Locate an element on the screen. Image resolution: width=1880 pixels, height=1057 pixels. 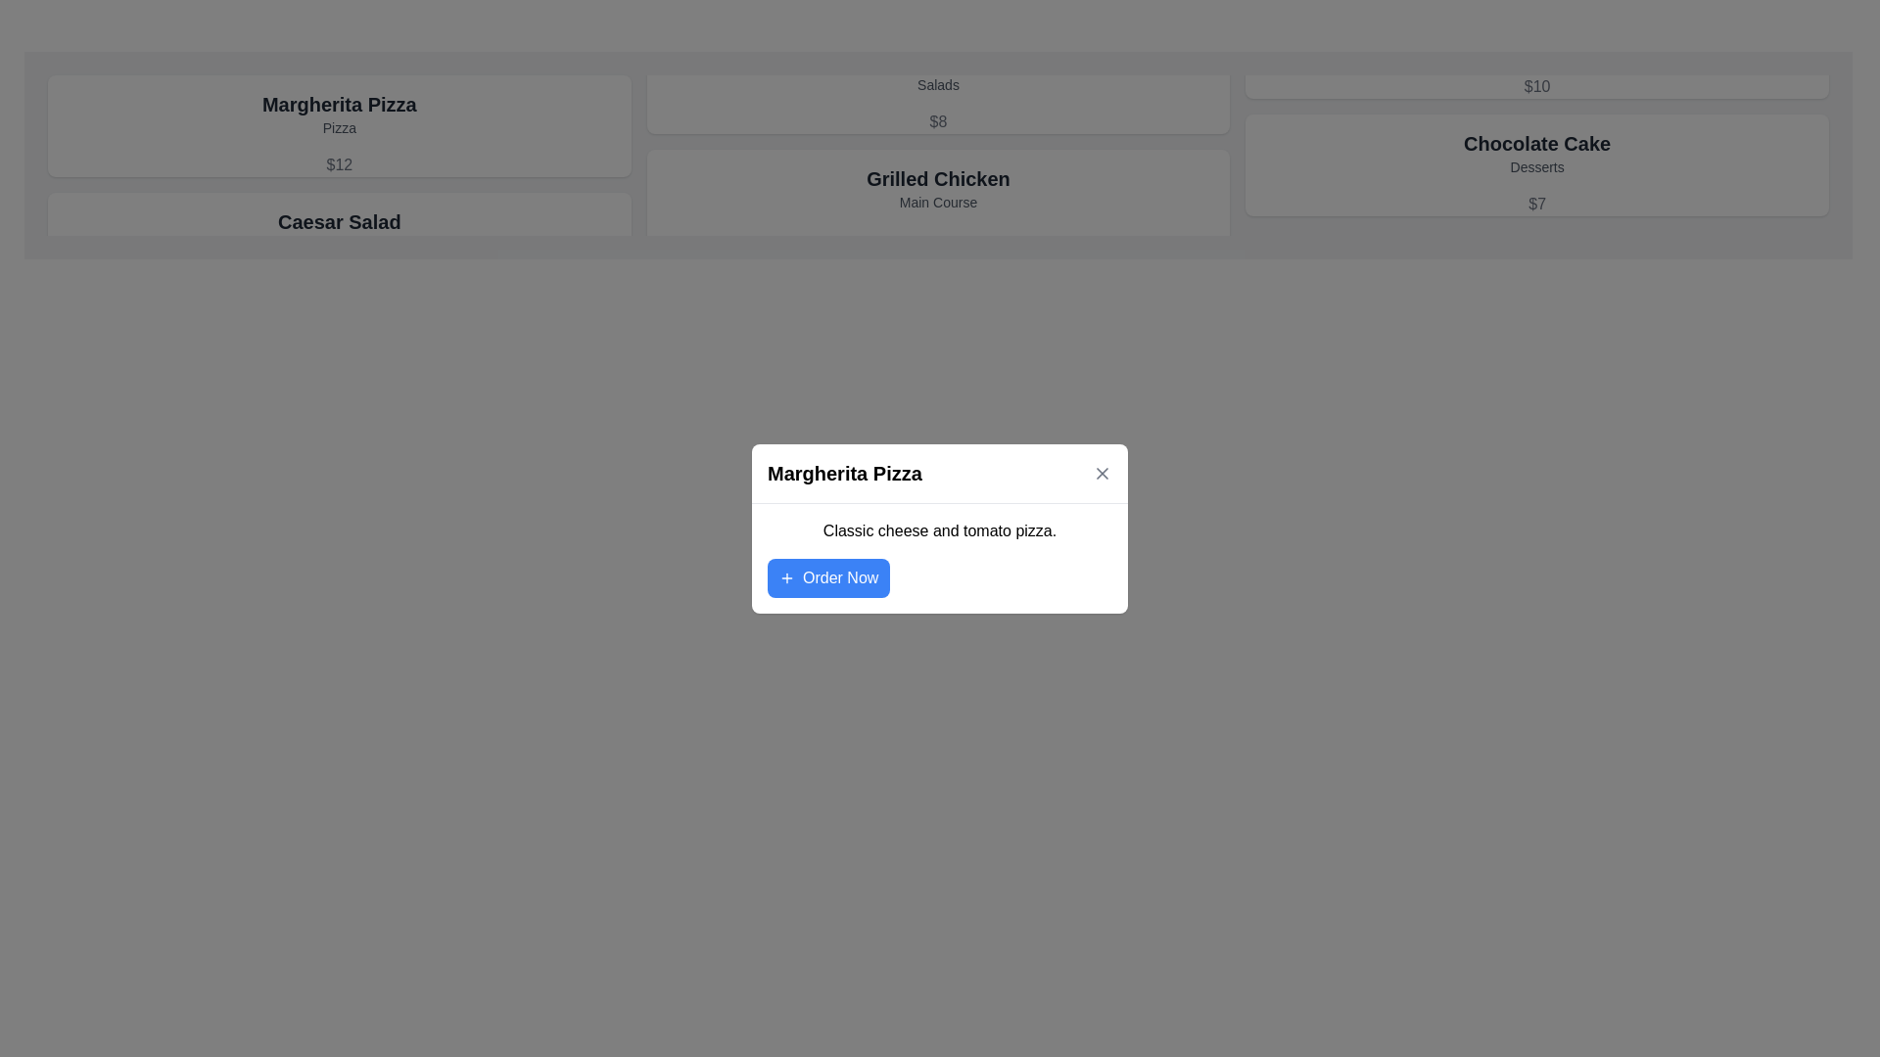
the 'Order Now' button, a rounded rectangular button with a blue background and white text, located below the description of 'Classic cheese and tomato pizza.' is located at coordinates (828, 576).